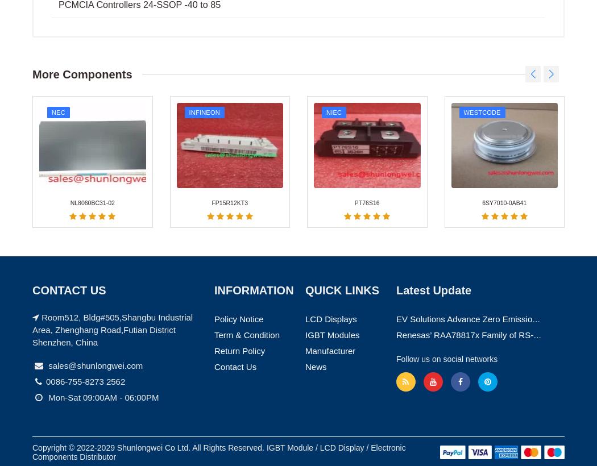 This screenshot has height=466, width=597. I want to click on 'Mon-Sat 09:00AM - 06:00PM', so click(102, 153).